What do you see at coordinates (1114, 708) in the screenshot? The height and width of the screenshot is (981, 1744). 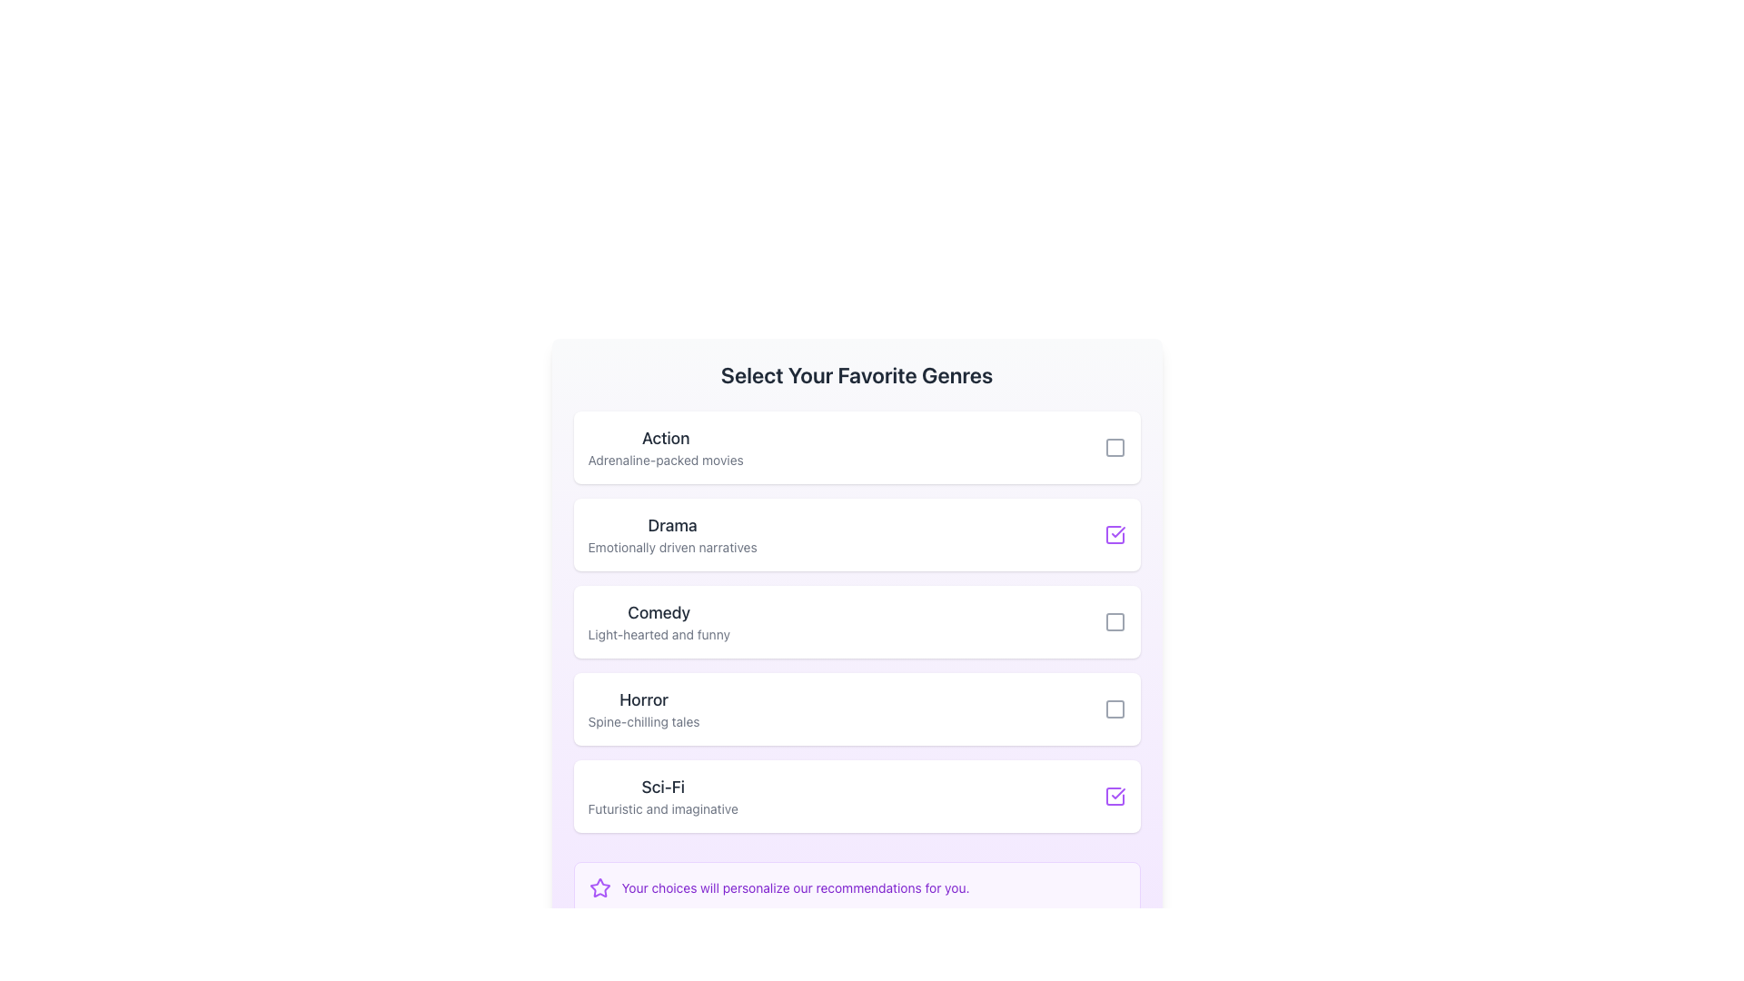 I see `the checkbox for the 'Horror' genre selection` at bounding box center [1114, 708].